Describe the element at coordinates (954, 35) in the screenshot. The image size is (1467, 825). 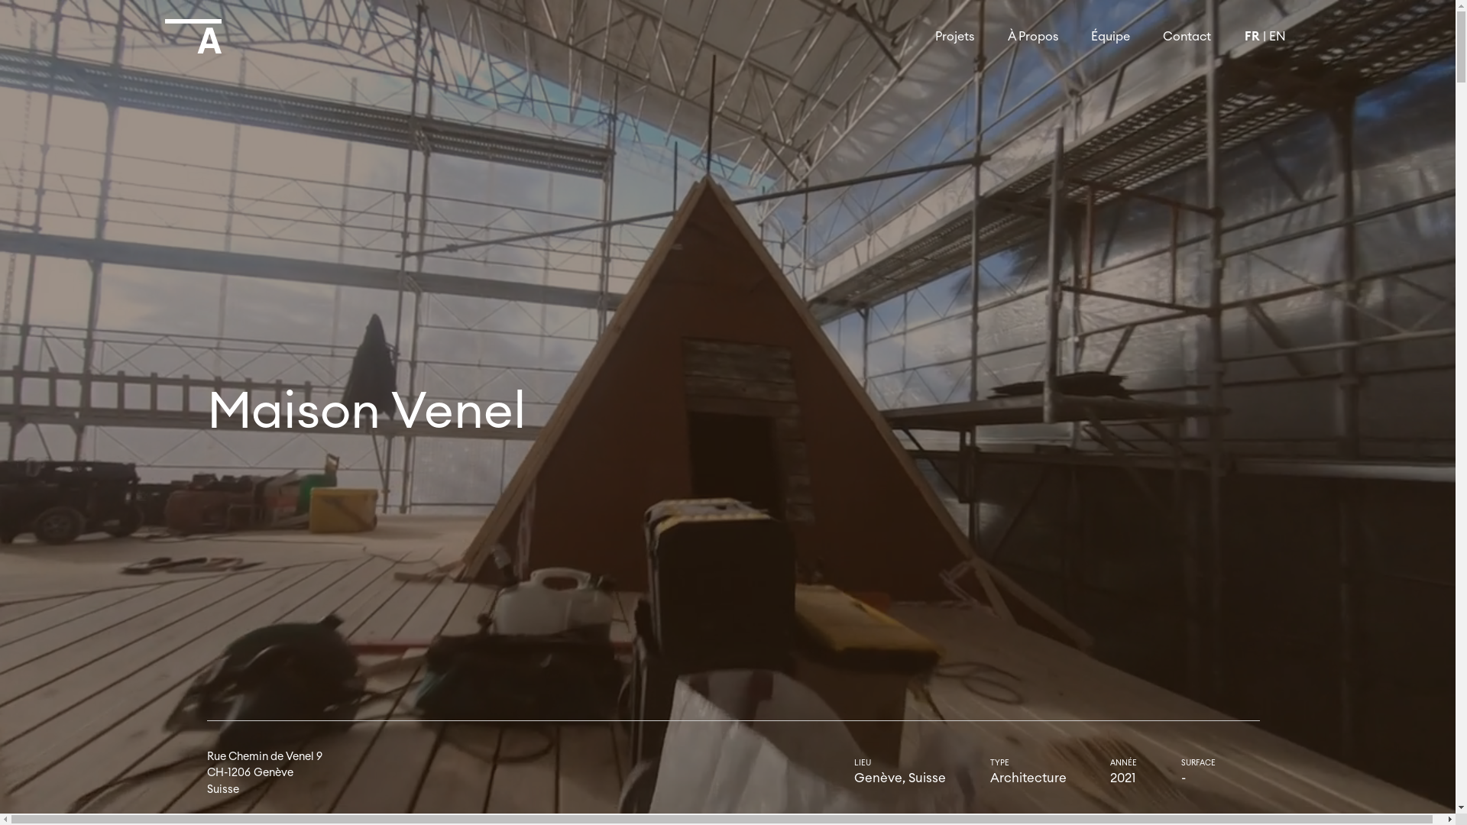
I see `'Projets'` at that location.